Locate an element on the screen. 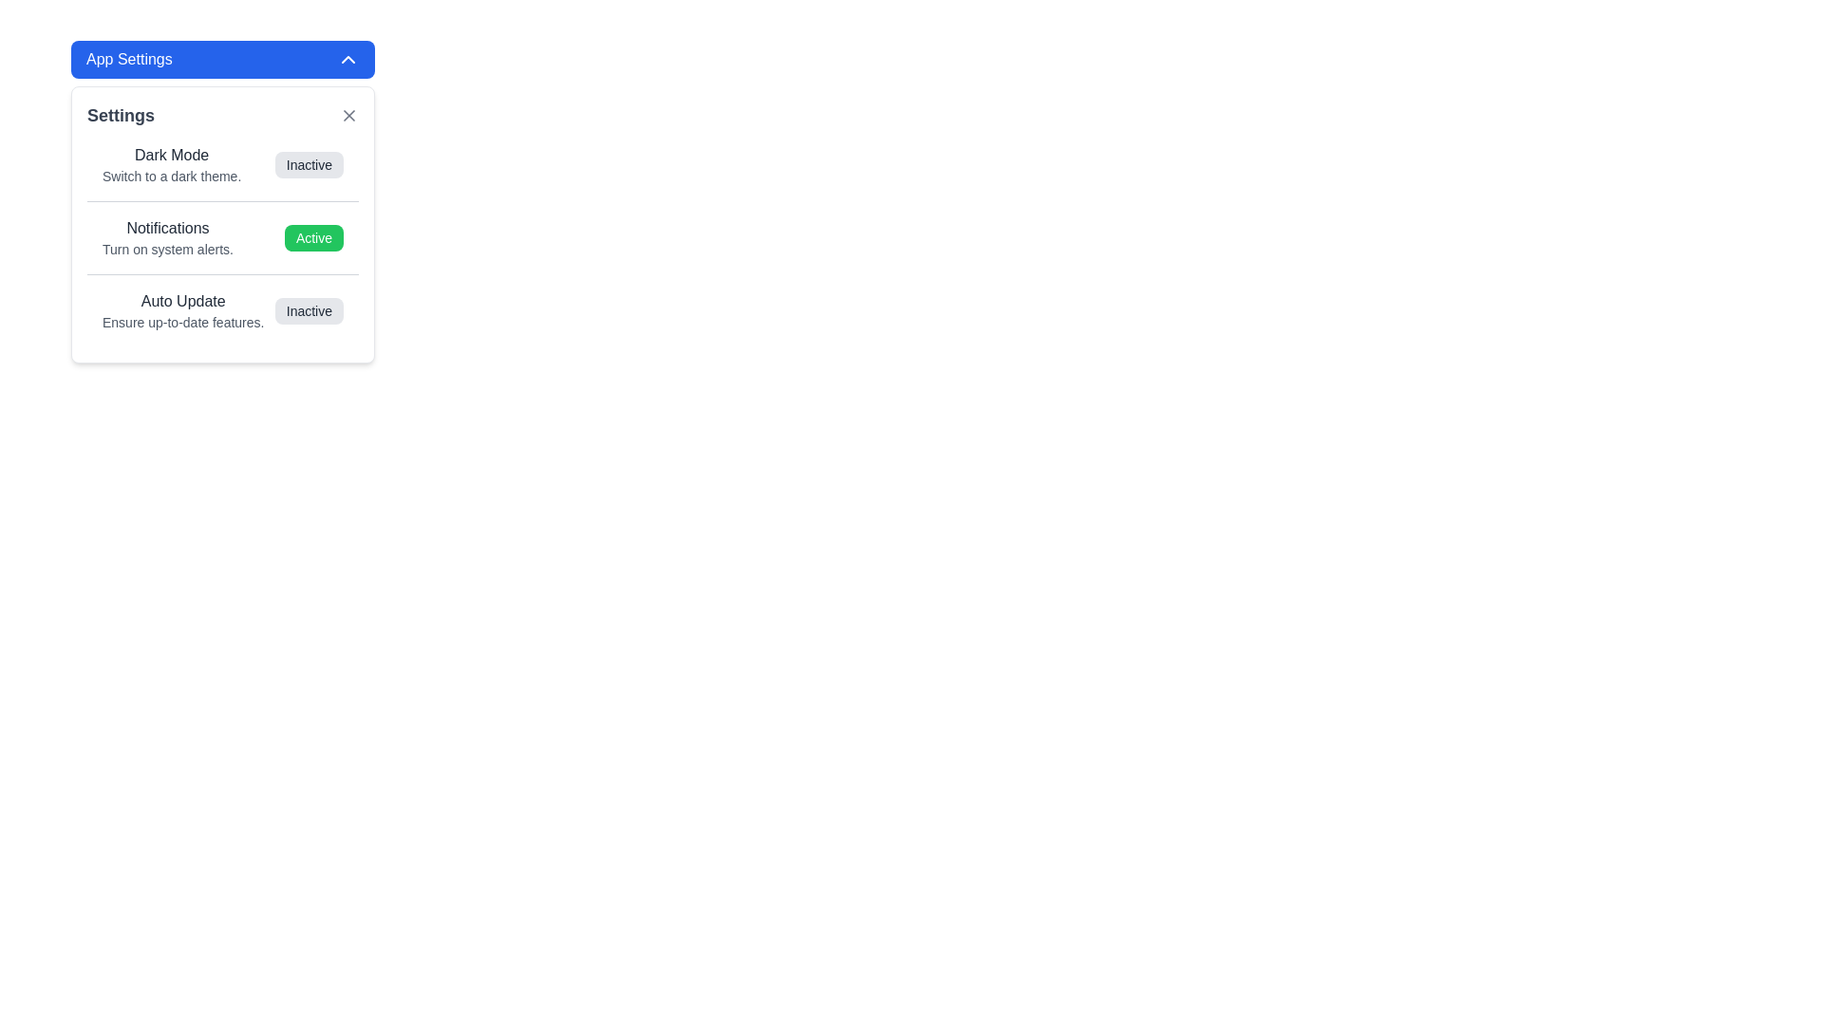 The height and width of the screenshot is (1025, 1823). the 'Notifications' text label which displays 'Notifications' in dark gray and 'Turn on system alerts.' in lighter gray, located in the middle section of the app settings panel is located at coordinates (168, 236).